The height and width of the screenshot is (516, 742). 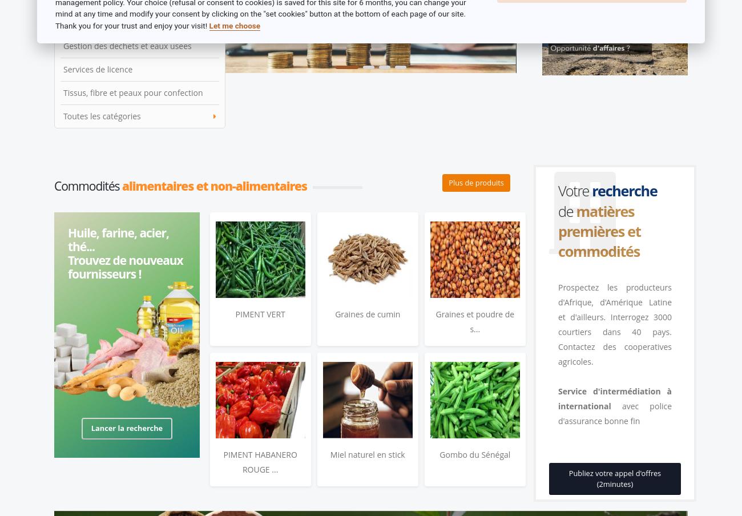 I want to click on 'Huile, farine, acier, thé...', so click(x=118, y=239).